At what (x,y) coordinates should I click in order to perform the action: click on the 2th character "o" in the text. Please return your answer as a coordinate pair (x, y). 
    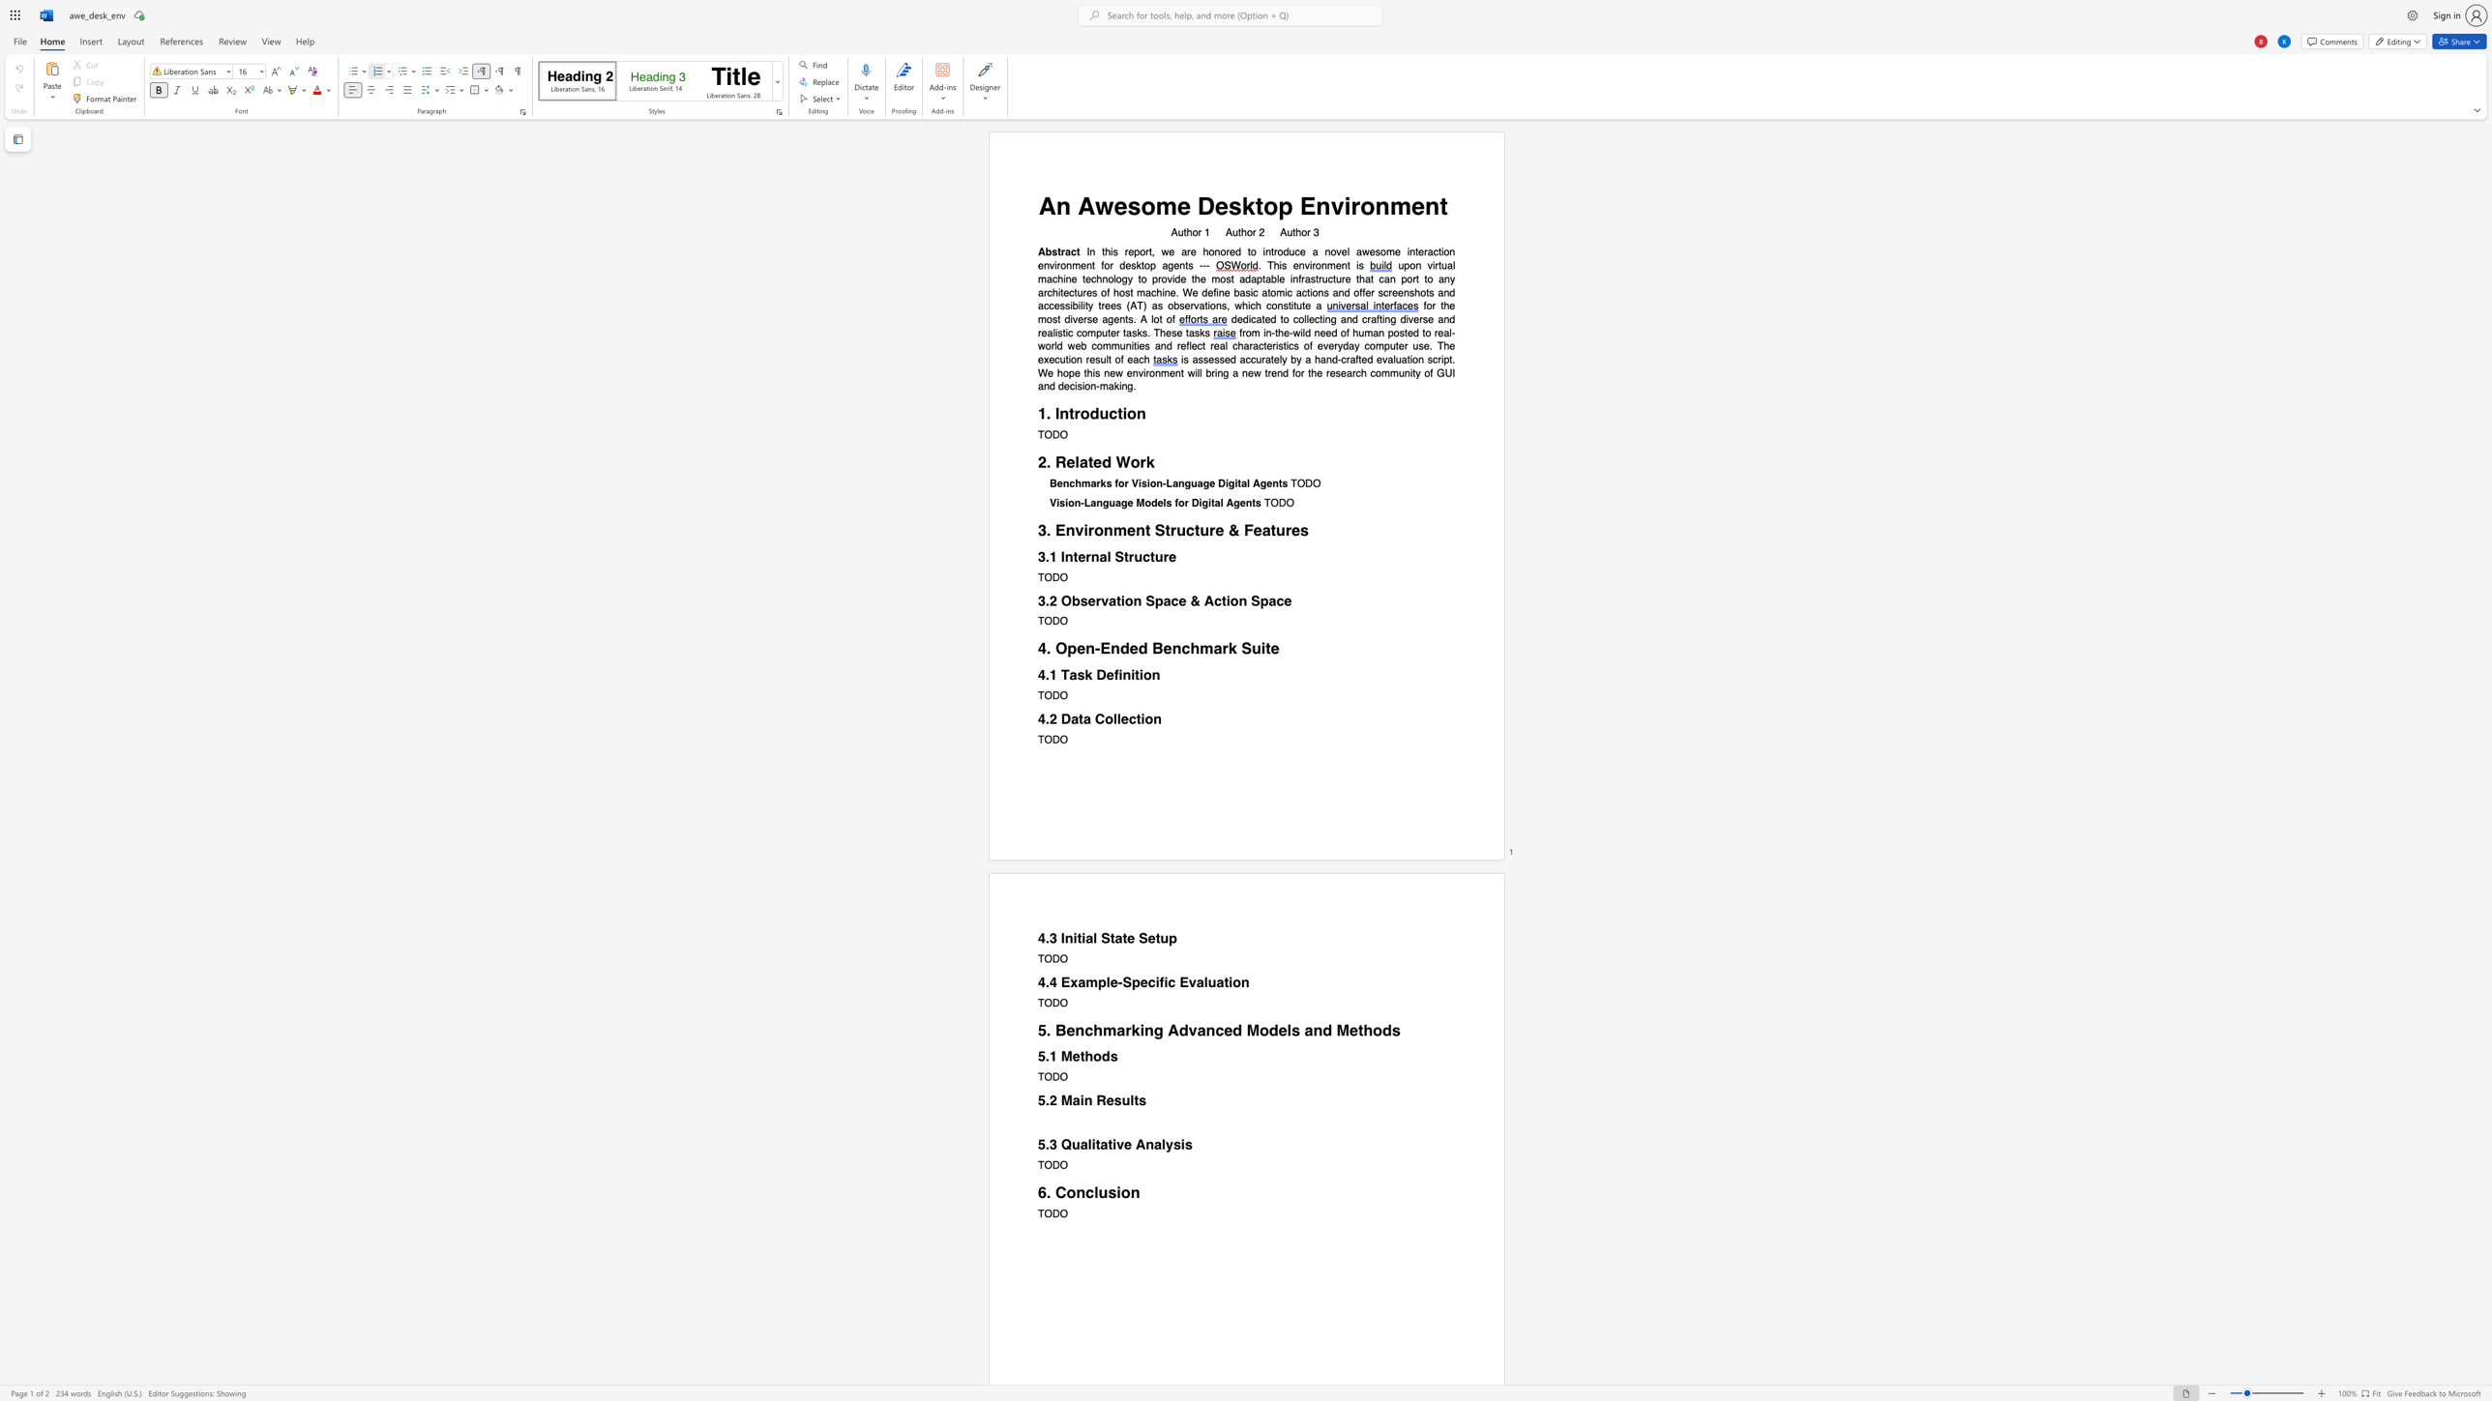
    Looking at the image, I should click on (1125, 1191).